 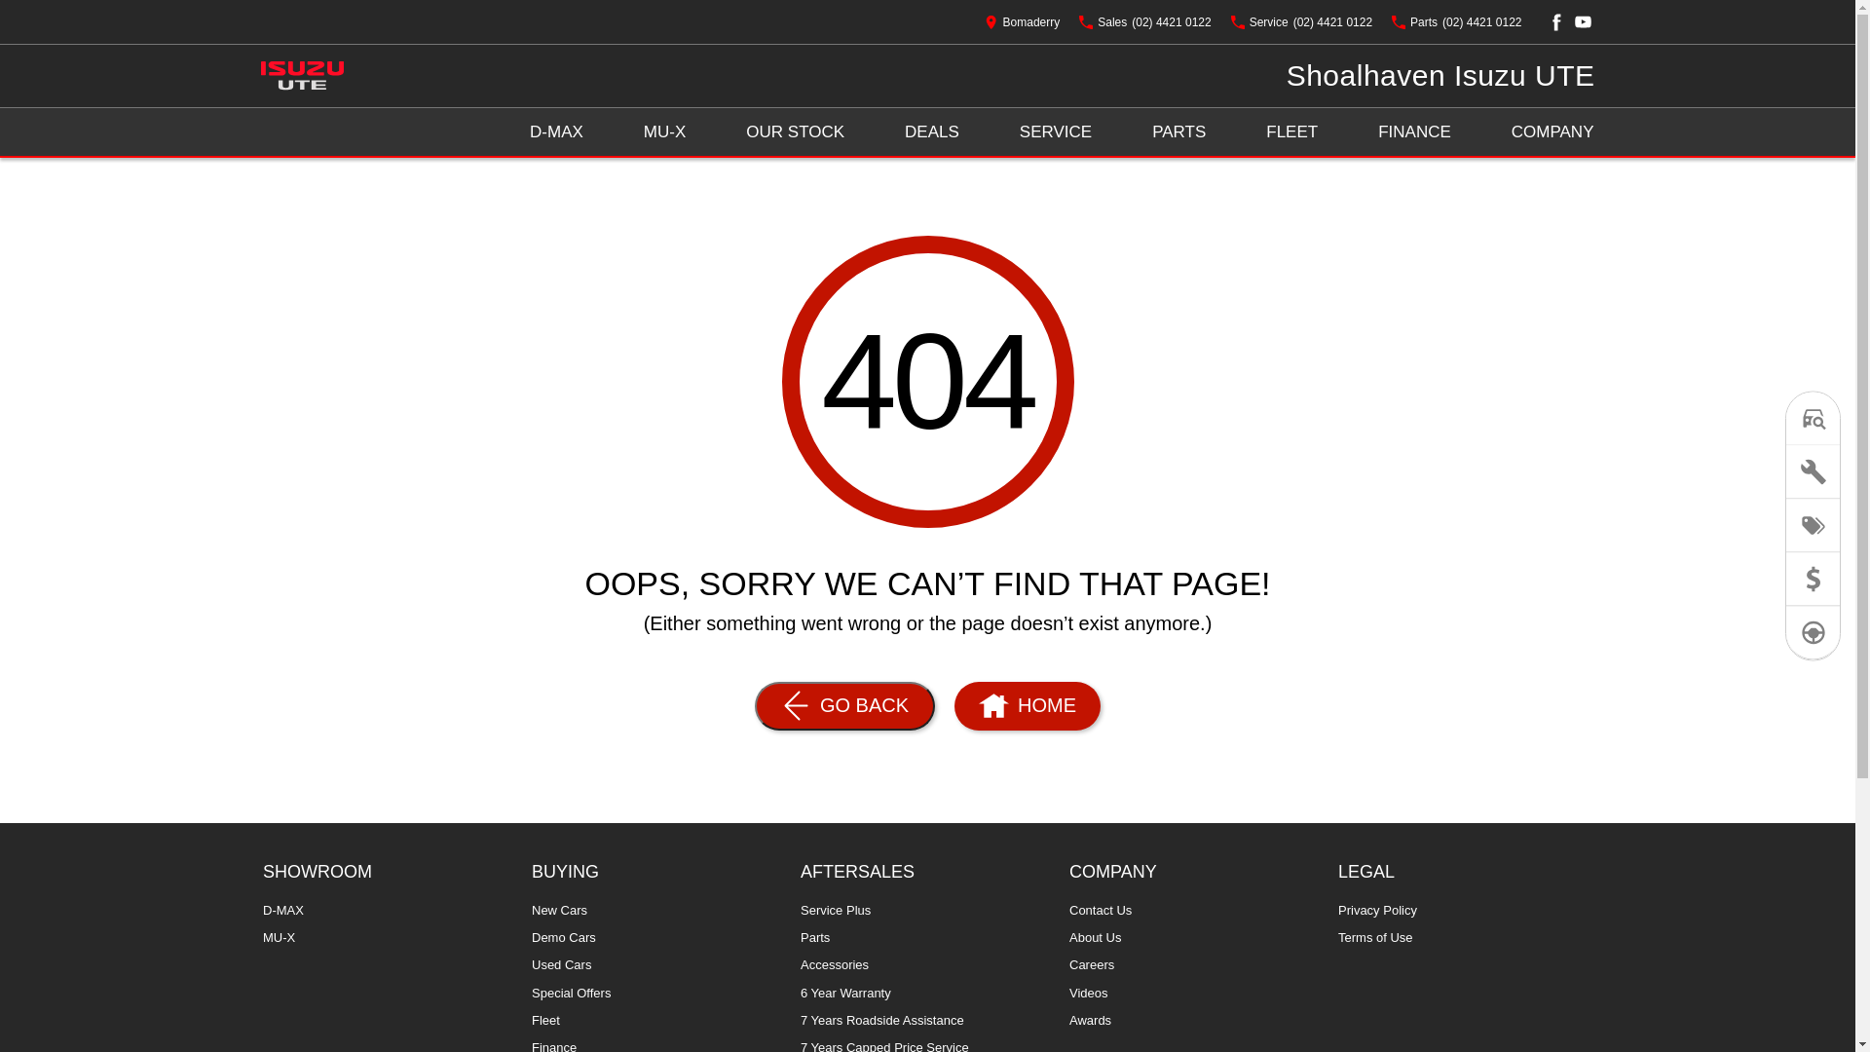 I want to click on 'SERVICE', so click(x=1055, y=131).